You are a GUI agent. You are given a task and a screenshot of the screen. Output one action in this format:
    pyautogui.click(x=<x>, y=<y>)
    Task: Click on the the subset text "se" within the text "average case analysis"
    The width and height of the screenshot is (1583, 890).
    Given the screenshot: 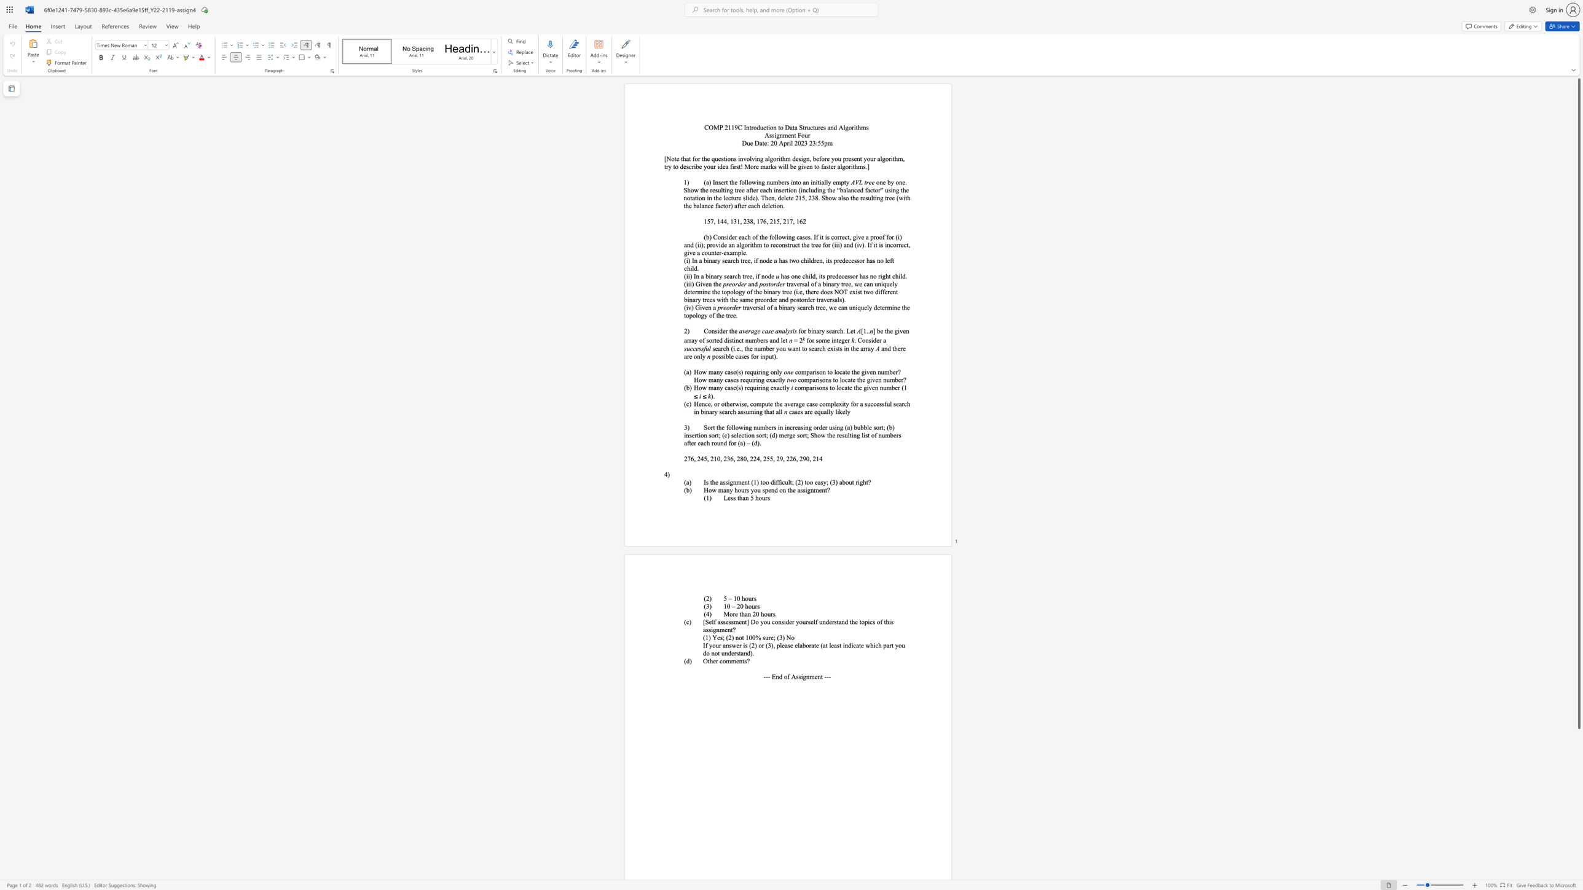 What is the action you would take?
    pyautogui.click(x=768, y=330)
    